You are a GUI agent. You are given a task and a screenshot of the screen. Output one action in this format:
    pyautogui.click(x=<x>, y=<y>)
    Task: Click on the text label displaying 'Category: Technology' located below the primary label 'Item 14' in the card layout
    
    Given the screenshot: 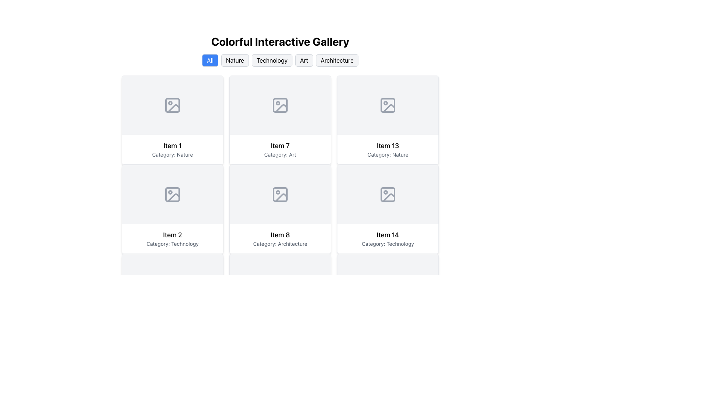 What is the action you would take?
    pyautogui.click(x=387, y=244)
    